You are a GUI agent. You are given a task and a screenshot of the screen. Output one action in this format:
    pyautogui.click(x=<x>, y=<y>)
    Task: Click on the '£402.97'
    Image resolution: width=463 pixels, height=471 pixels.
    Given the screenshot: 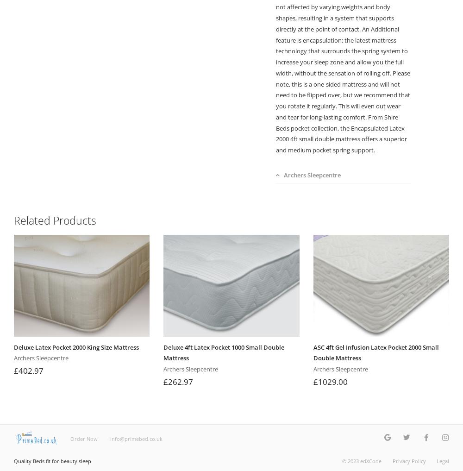 What is the action you would take?
    pyautogui.click(x=29, y=370)
    